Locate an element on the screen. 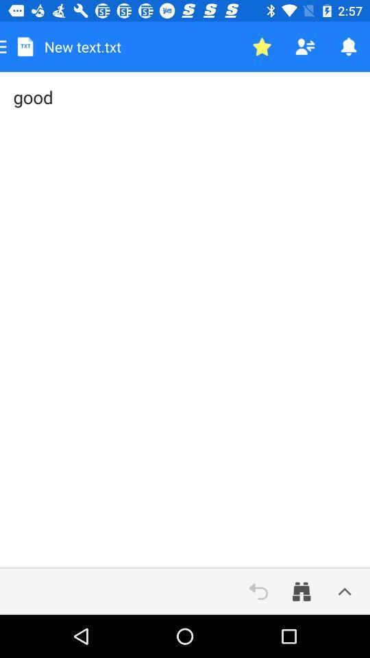  icon below the good item is located at coordinates (344, 591).